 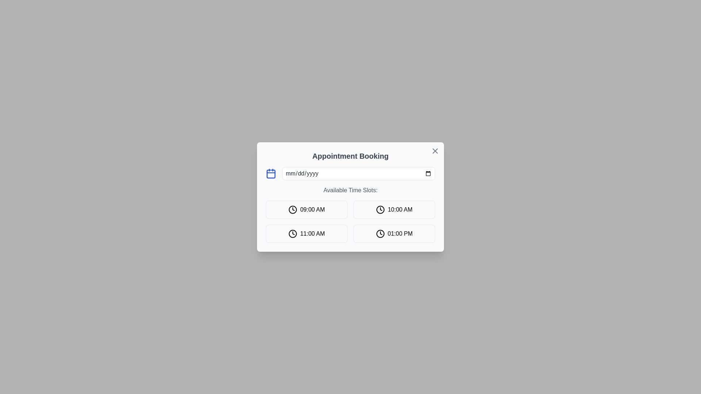 I want to click on the blue calendar outline icon on the left side of the date input field, so click(x=271, y=173).